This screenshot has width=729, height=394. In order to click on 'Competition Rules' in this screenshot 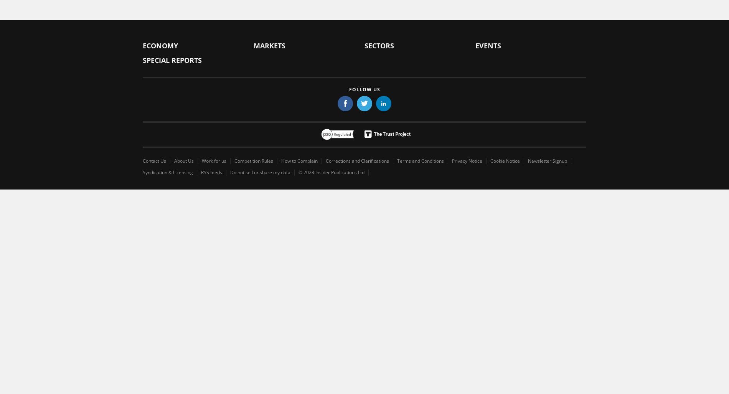, I will do `click(254, 160)`.